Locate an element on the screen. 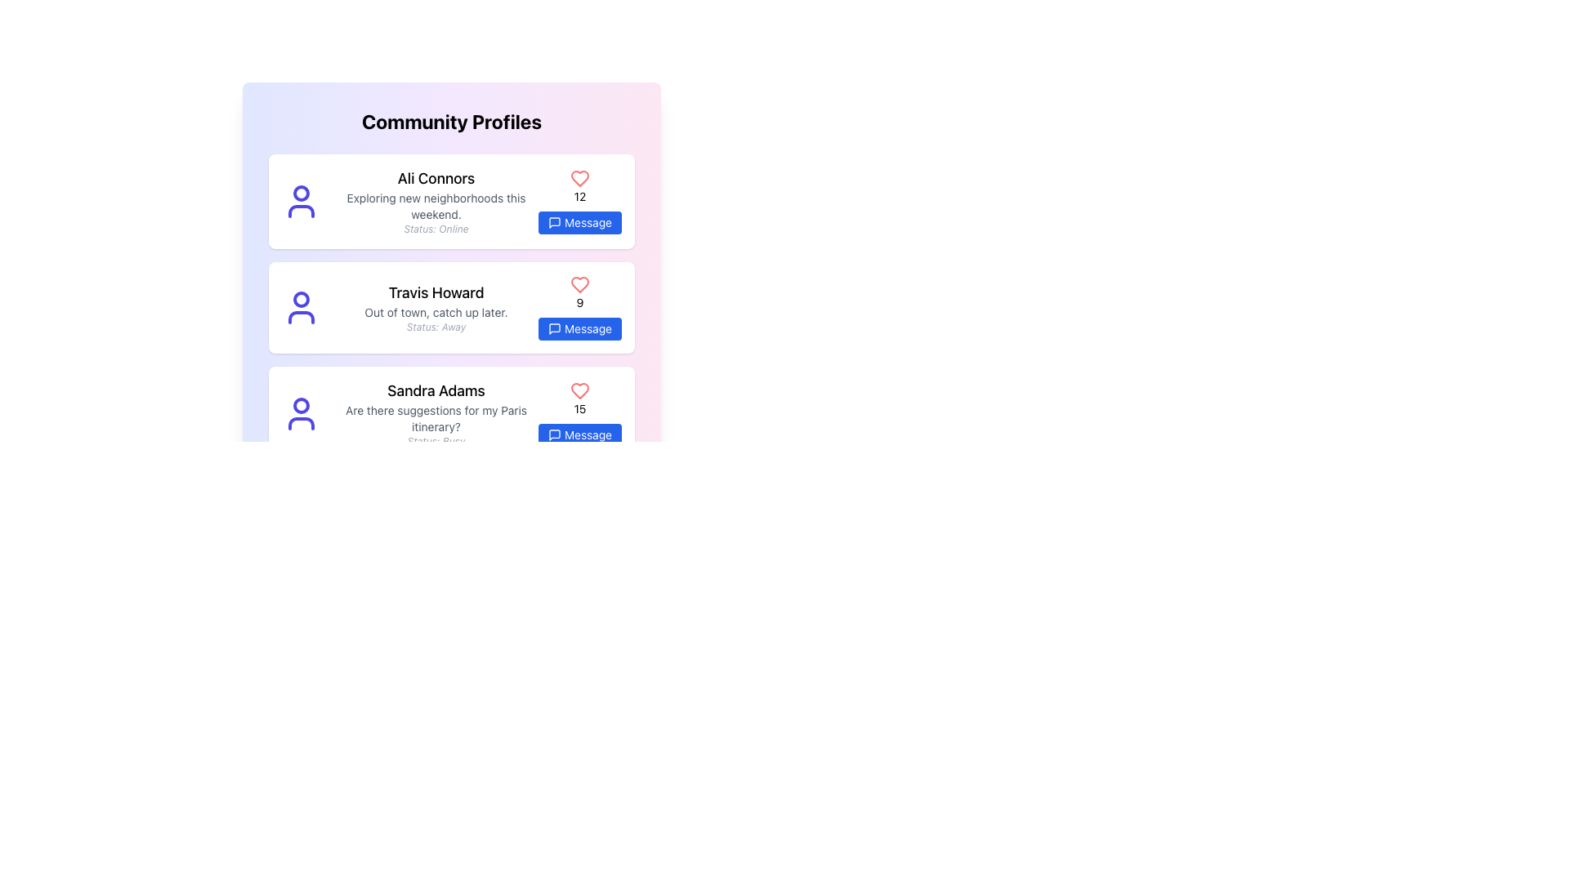  the user avatar icon, which is a purple circular shape representing a head, located in the topmost card under 'Community Profiles' next to 'Ali Connors' is located at coordinates (302, 200).